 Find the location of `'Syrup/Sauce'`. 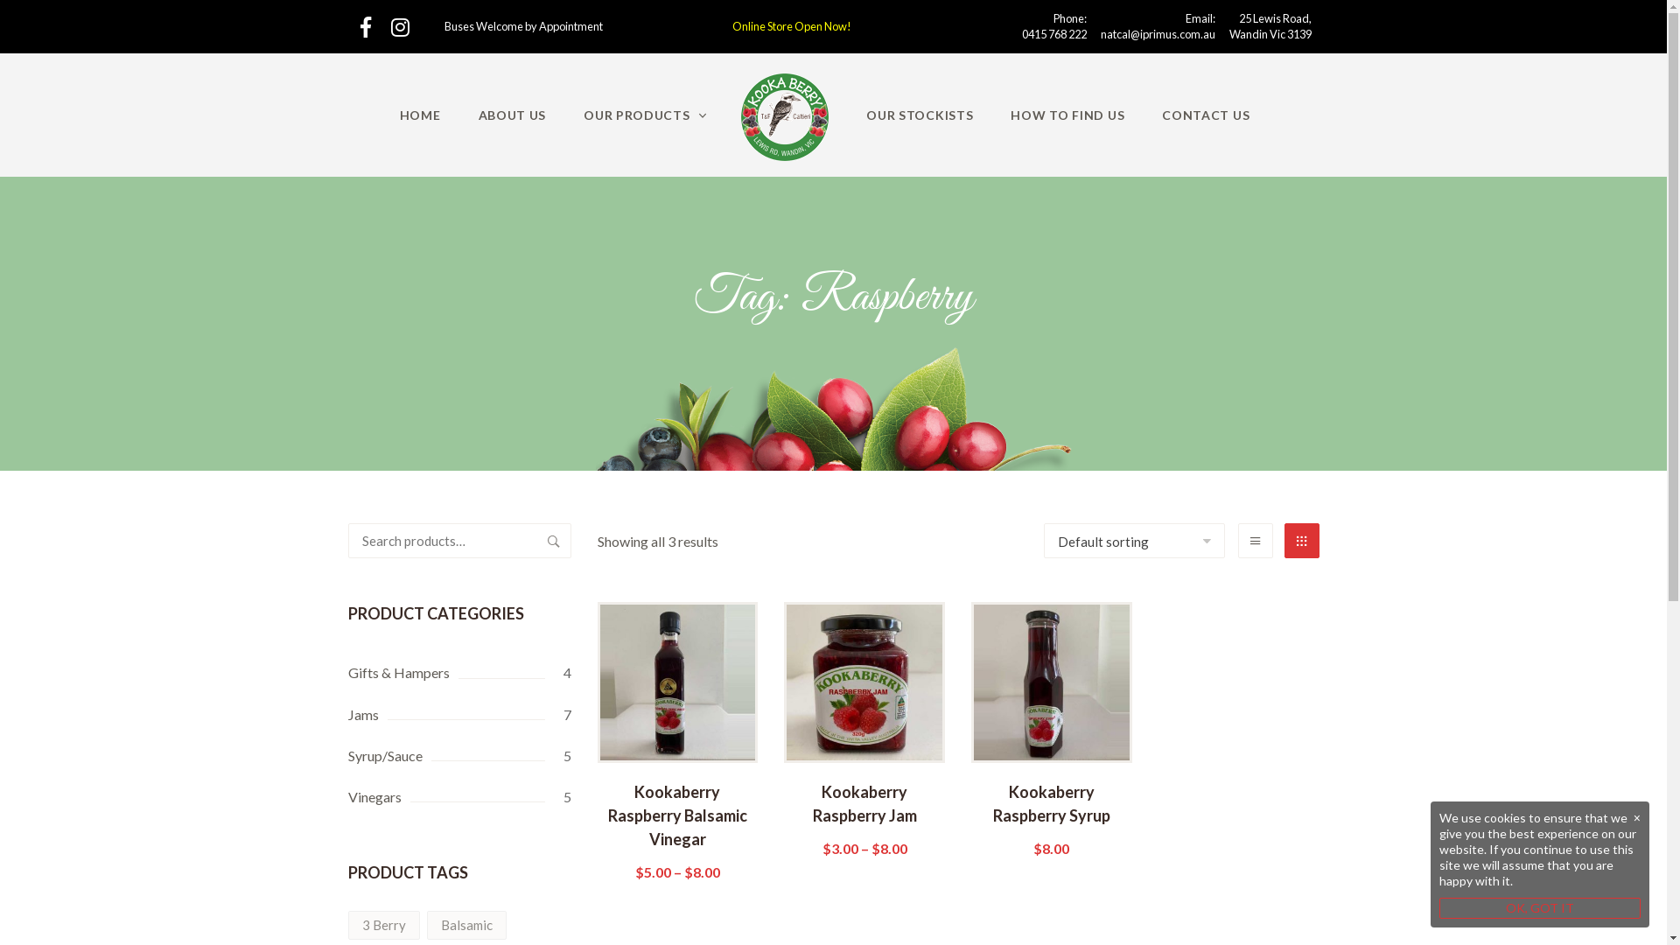

'Syrup/Sauce' is located at coordinates (459, 754).